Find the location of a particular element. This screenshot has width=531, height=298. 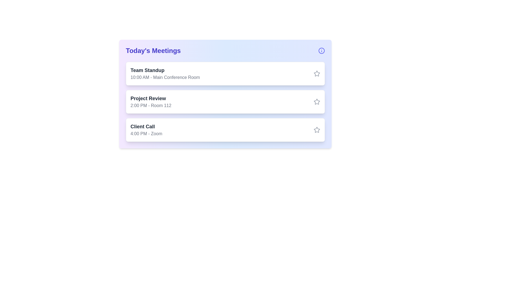

the second List Item in 'Today's Meetings' that displays a scheduled meeting's title, time, and location is located at coordinates (225, 102).